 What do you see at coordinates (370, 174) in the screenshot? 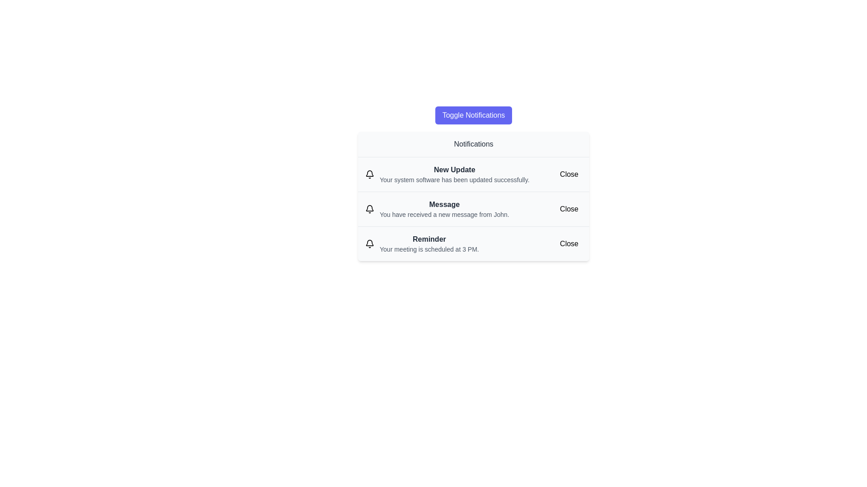
I see `the bell-shaped notification icon located on the far left of the notification row that contains the 'New Update' text` at bounding box center [370, 174].